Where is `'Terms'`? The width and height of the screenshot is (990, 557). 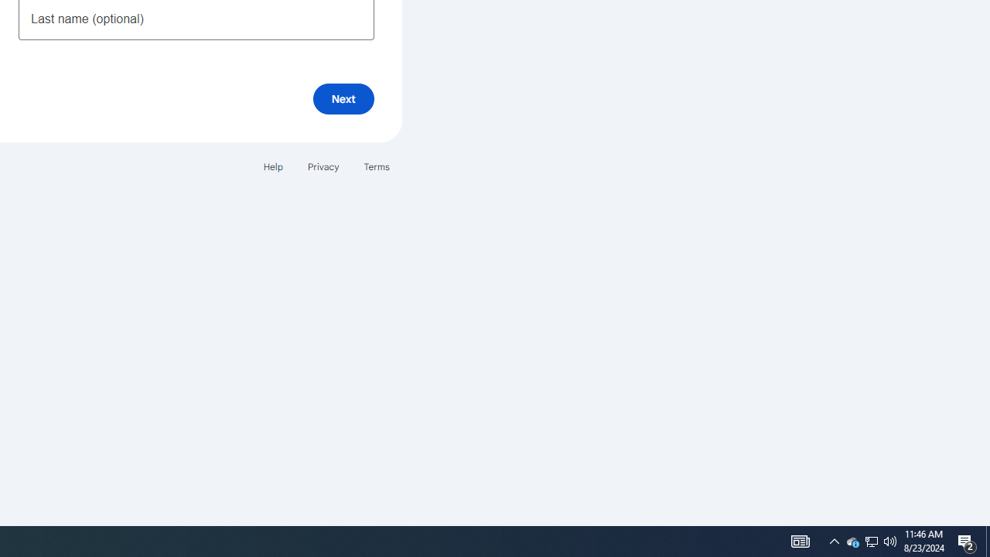
'Terms' is located at coordinates (377, 166).